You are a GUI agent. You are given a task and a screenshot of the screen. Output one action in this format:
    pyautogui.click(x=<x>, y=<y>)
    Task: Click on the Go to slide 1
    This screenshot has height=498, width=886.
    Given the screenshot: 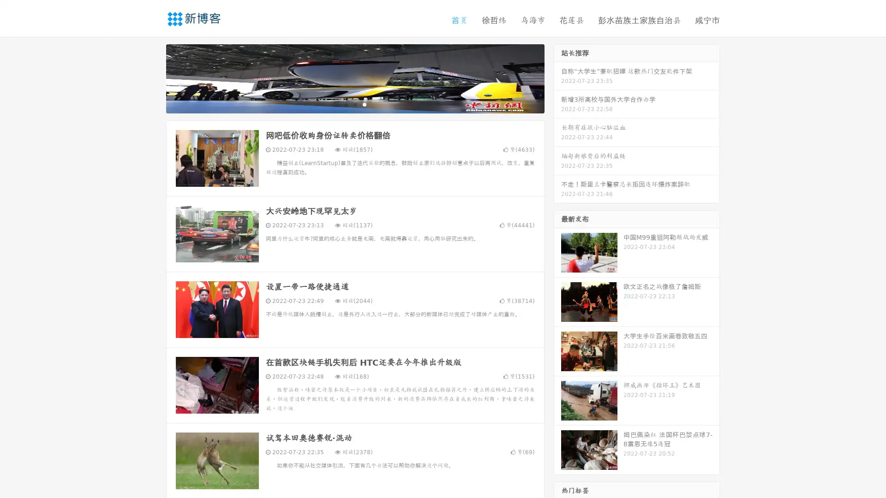 What is the action you would take?
    pyautogui.click(x=345, y=104)
    